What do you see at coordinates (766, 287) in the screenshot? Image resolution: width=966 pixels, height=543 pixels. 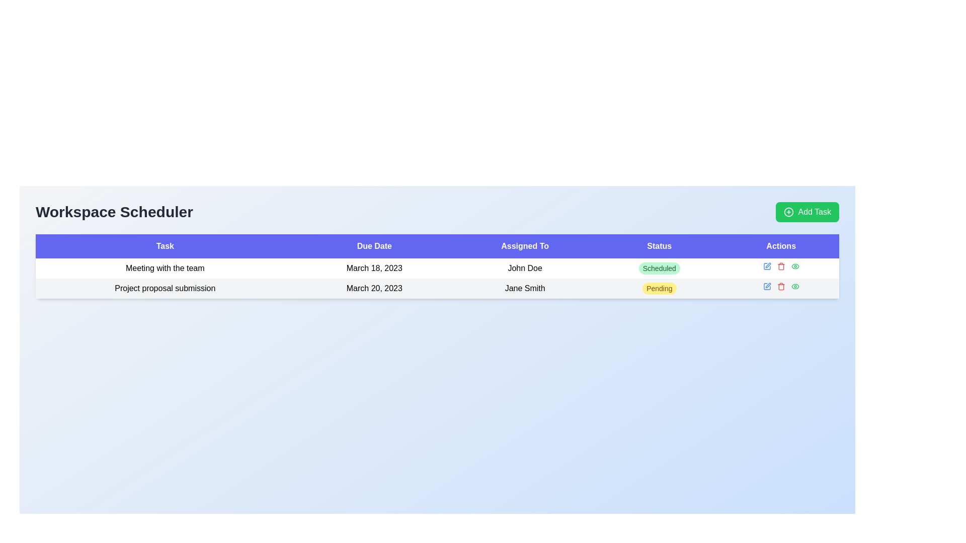 I see `the blue pen icon located in the Actions column of the first row, immediately to the right of the 'Scheduled' status label` at bounding box center [766, 287].